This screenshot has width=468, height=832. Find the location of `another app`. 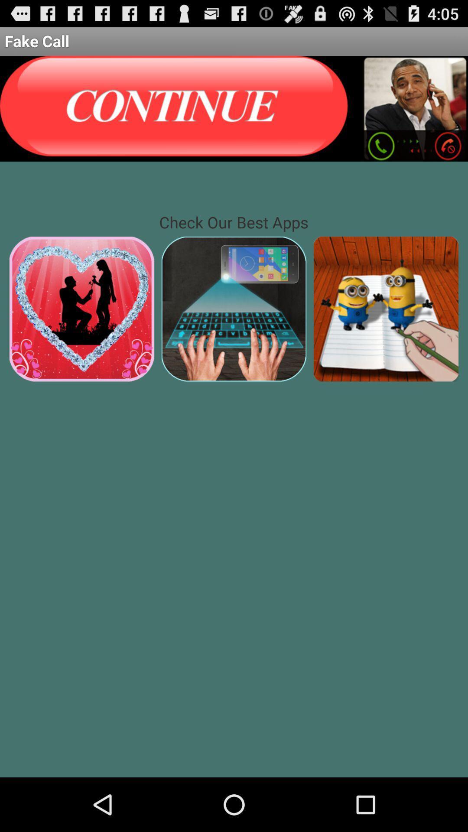

another app is located at coordinates (234, 309).